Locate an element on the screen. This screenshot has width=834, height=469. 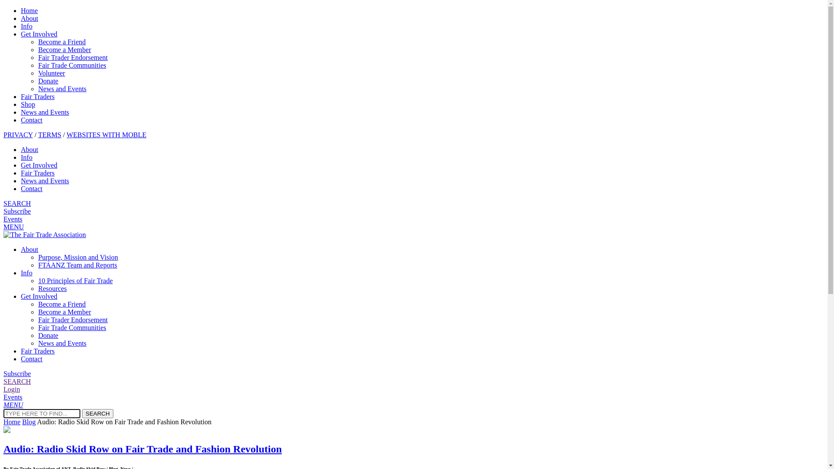
'Login' is located at coordinates (12, 389).